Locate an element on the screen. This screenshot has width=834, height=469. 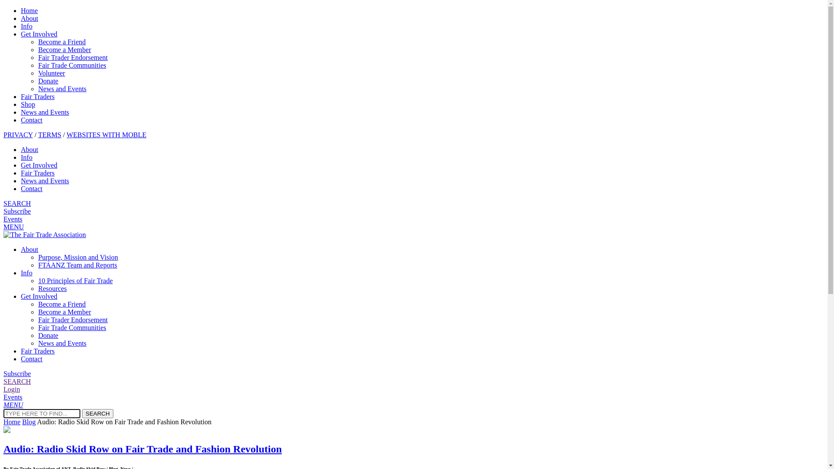
'Login' is located at coordinates (12, 389).